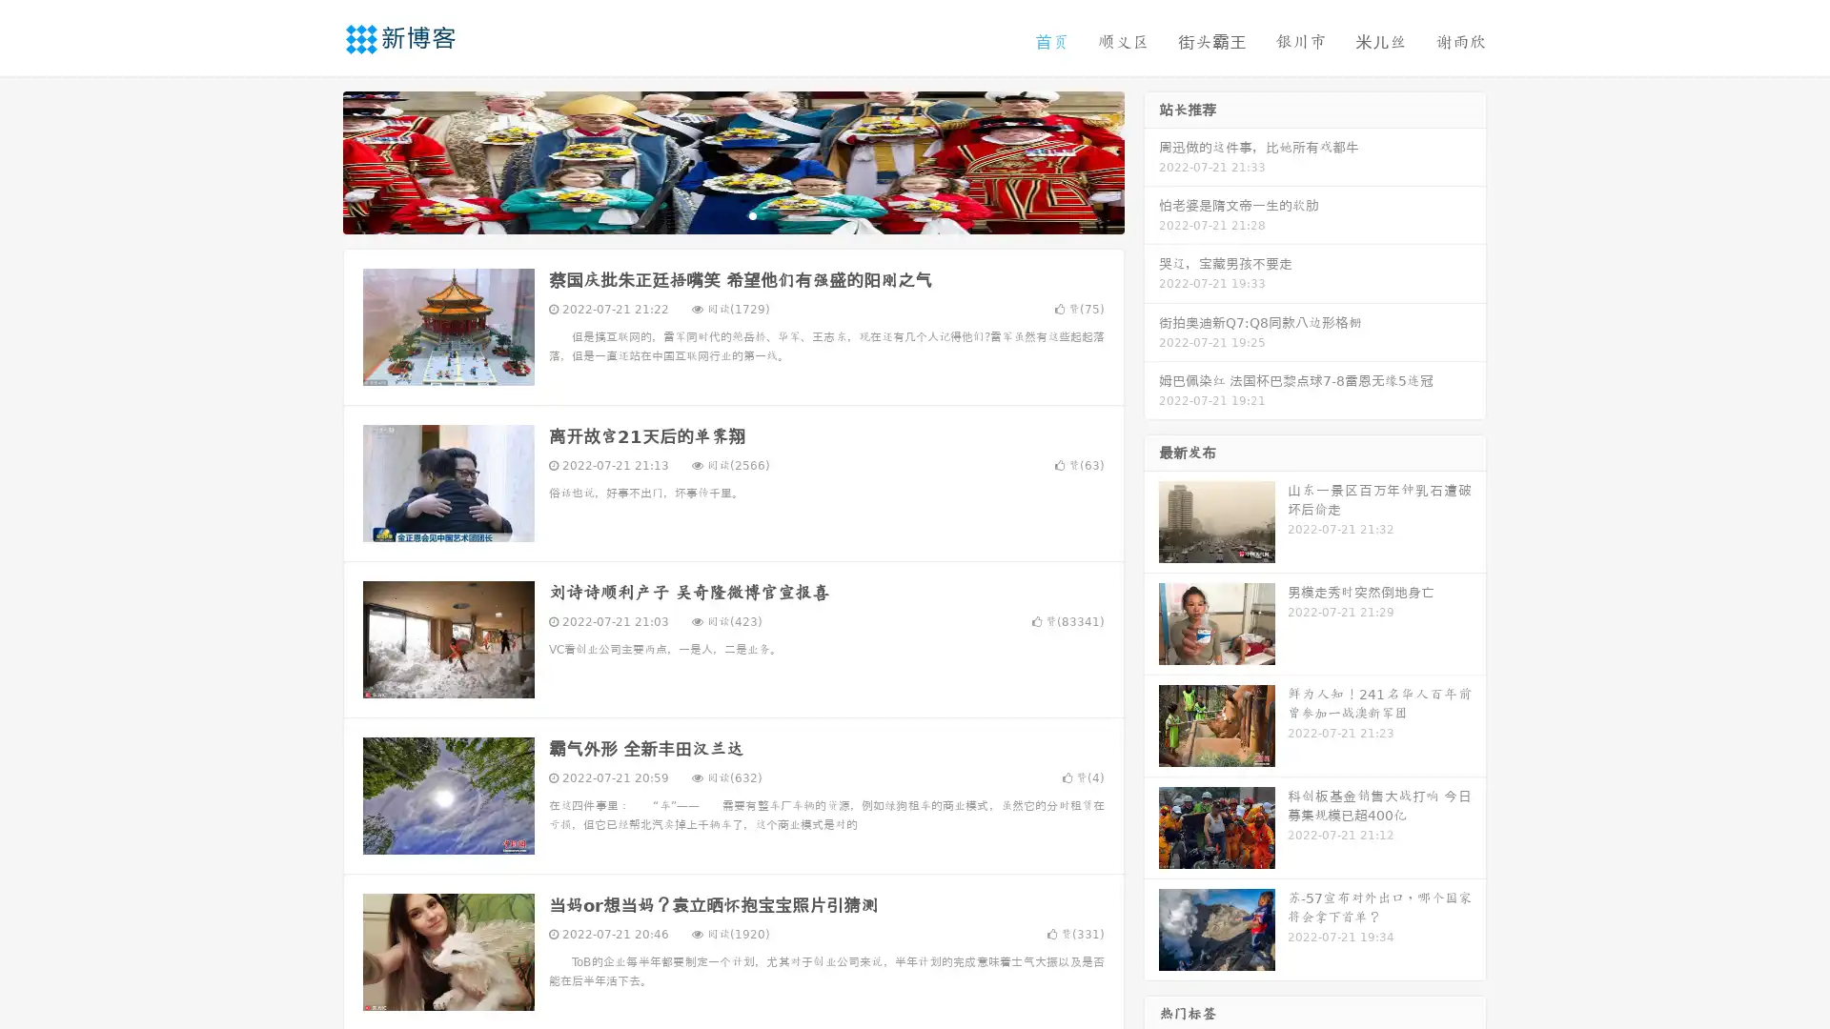  Describe the element at coordinates (732, 214) in the screenshot. I see `Go to slide 2` at that location.